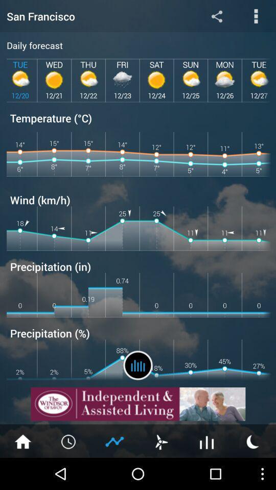 The height and width of the screenshot is (490, 276). Describe the element at coordinates (22, 440) in the screenshot. I see `go home` at that location.